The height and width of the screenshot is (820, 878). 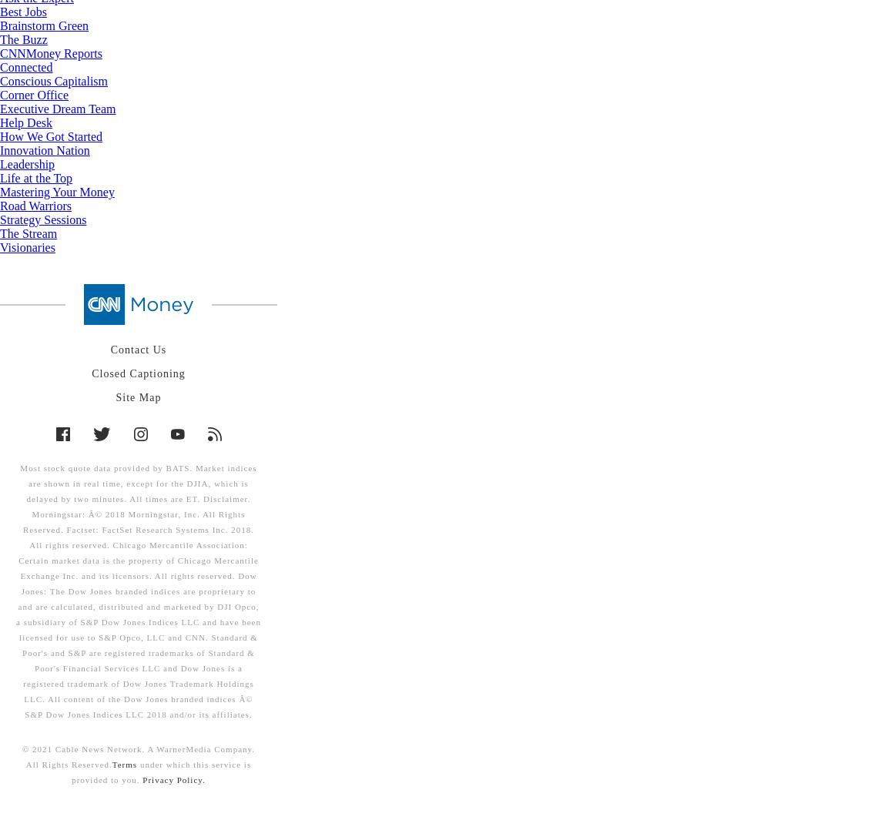 I want to click on 'CNNMoney Reports', so click(x=0, y=52).